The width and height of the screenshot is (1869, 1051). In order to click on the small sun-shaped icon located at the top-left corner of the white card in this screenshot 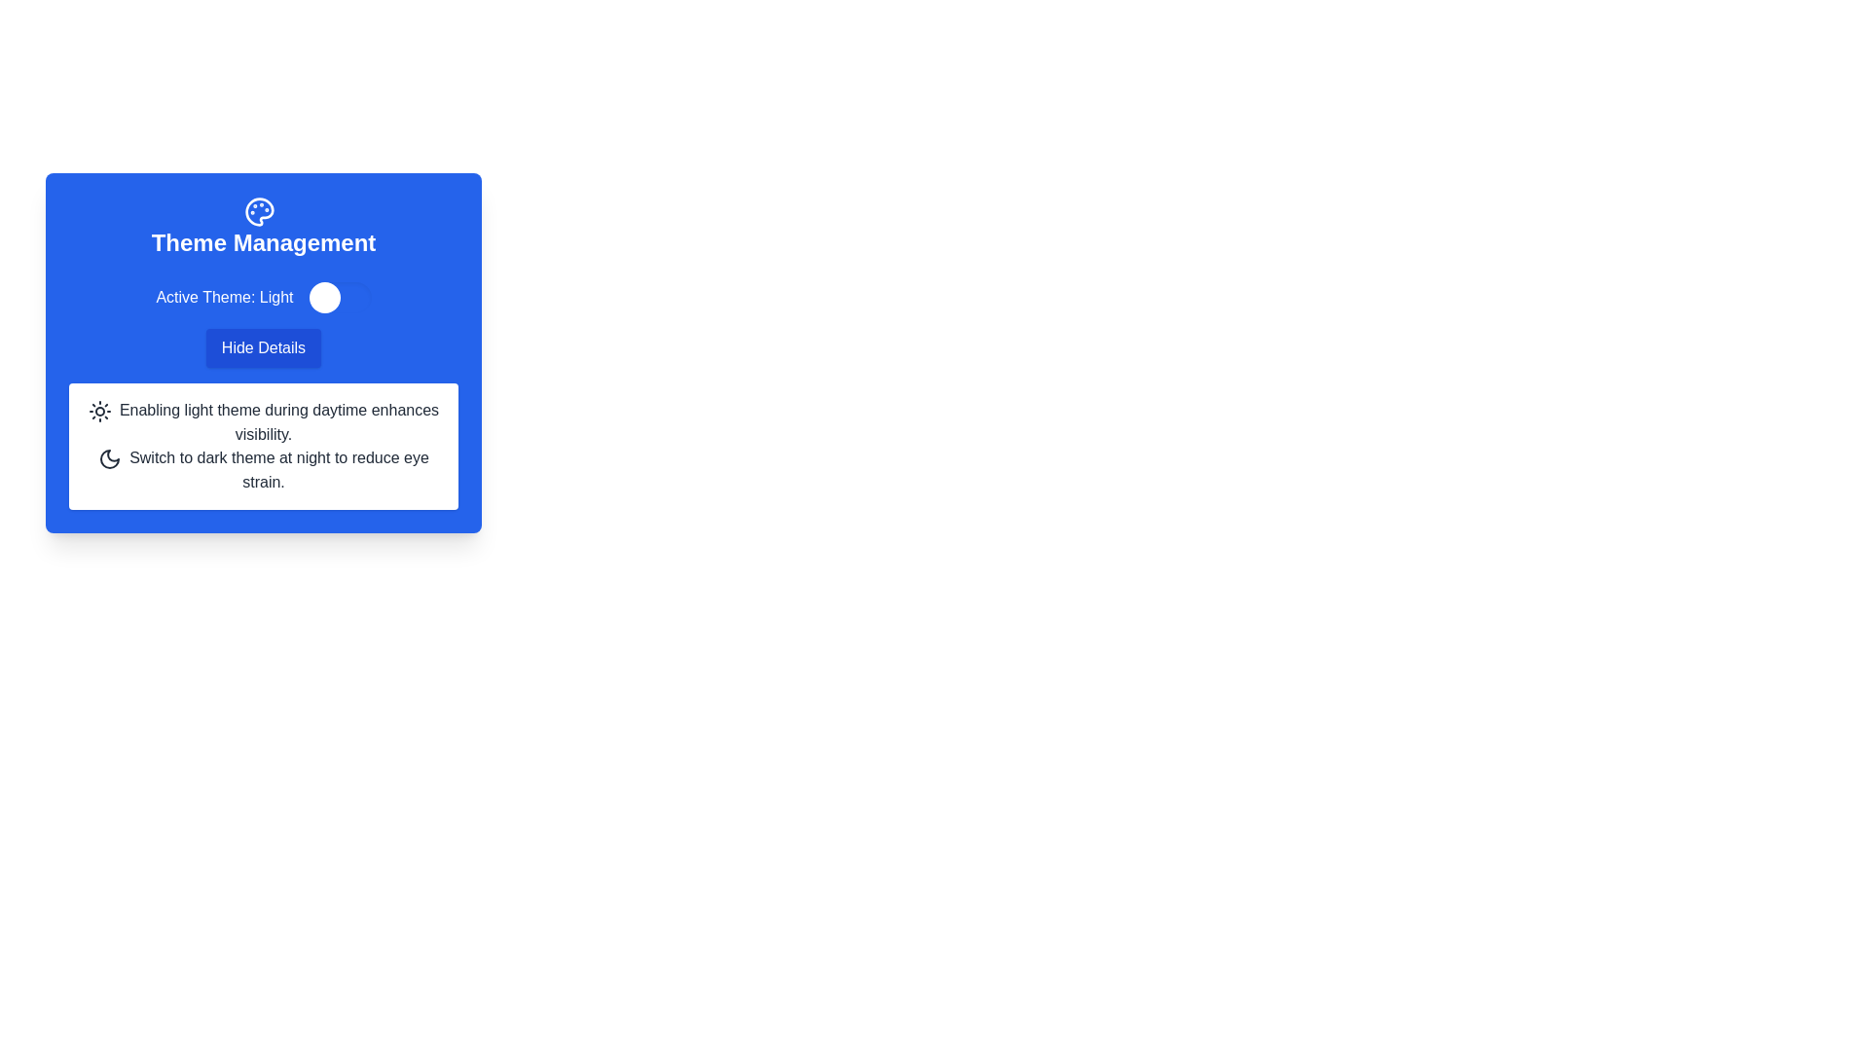, I will do `click(98, 410)`.